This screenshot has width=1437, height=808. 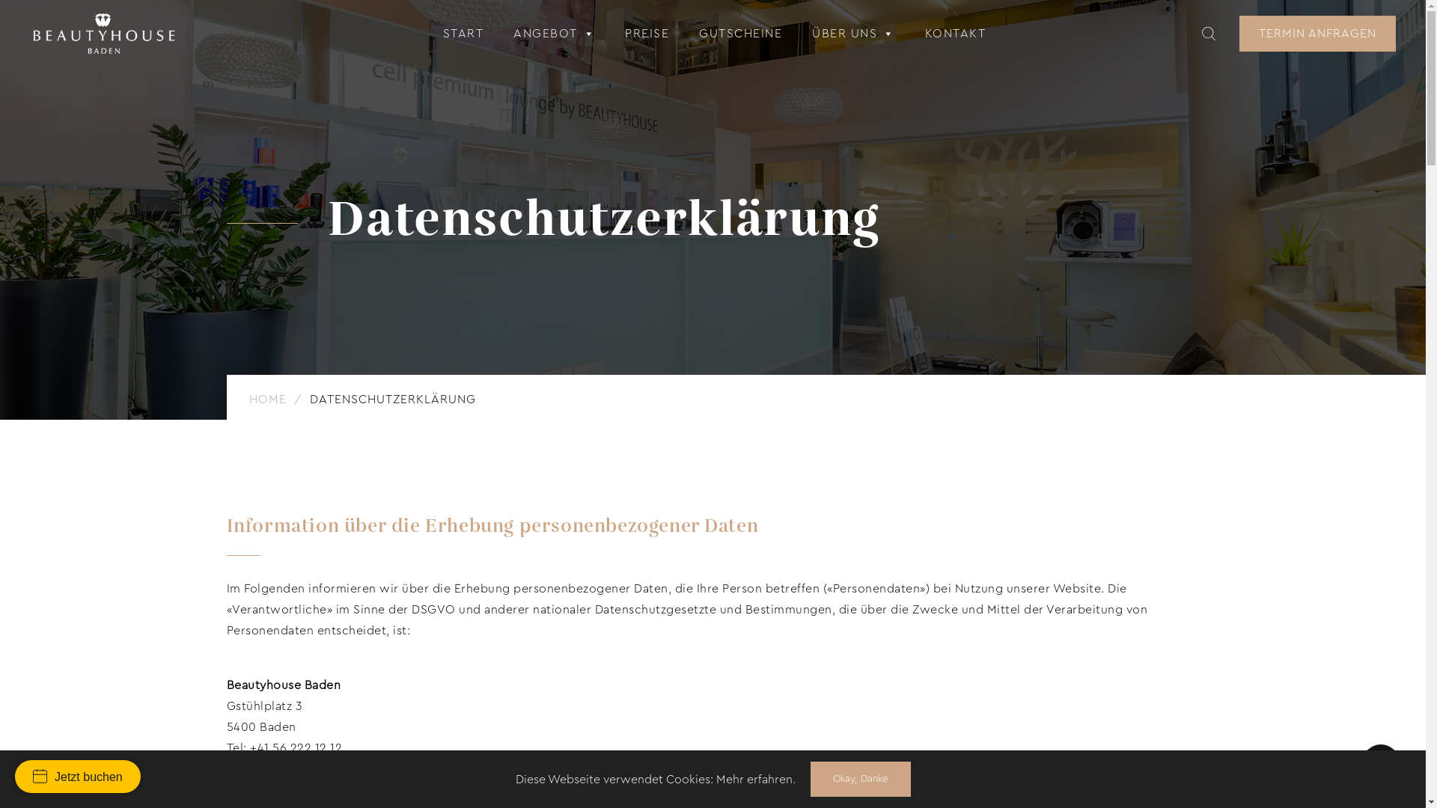 What do you see at coordinates (754, 778) in the screenshot?
I see `'Mehr erfahren.'` at bounding box center [754, 778].